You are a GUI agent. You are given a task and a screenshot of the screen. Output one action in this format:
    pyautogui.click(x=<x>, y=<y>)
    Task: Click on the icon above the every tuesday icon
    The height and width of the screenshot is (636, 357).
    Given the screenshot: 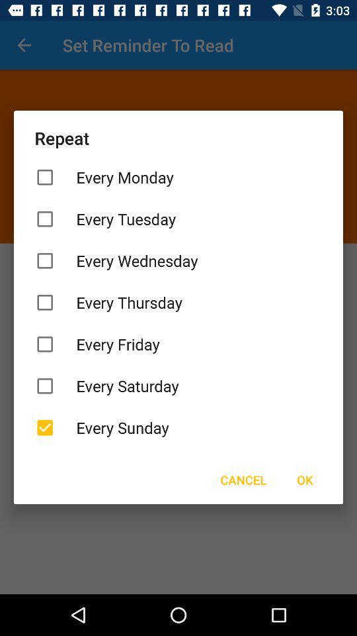 What is the action you would take?
    pyautogui.click(x=178, y=176)
    